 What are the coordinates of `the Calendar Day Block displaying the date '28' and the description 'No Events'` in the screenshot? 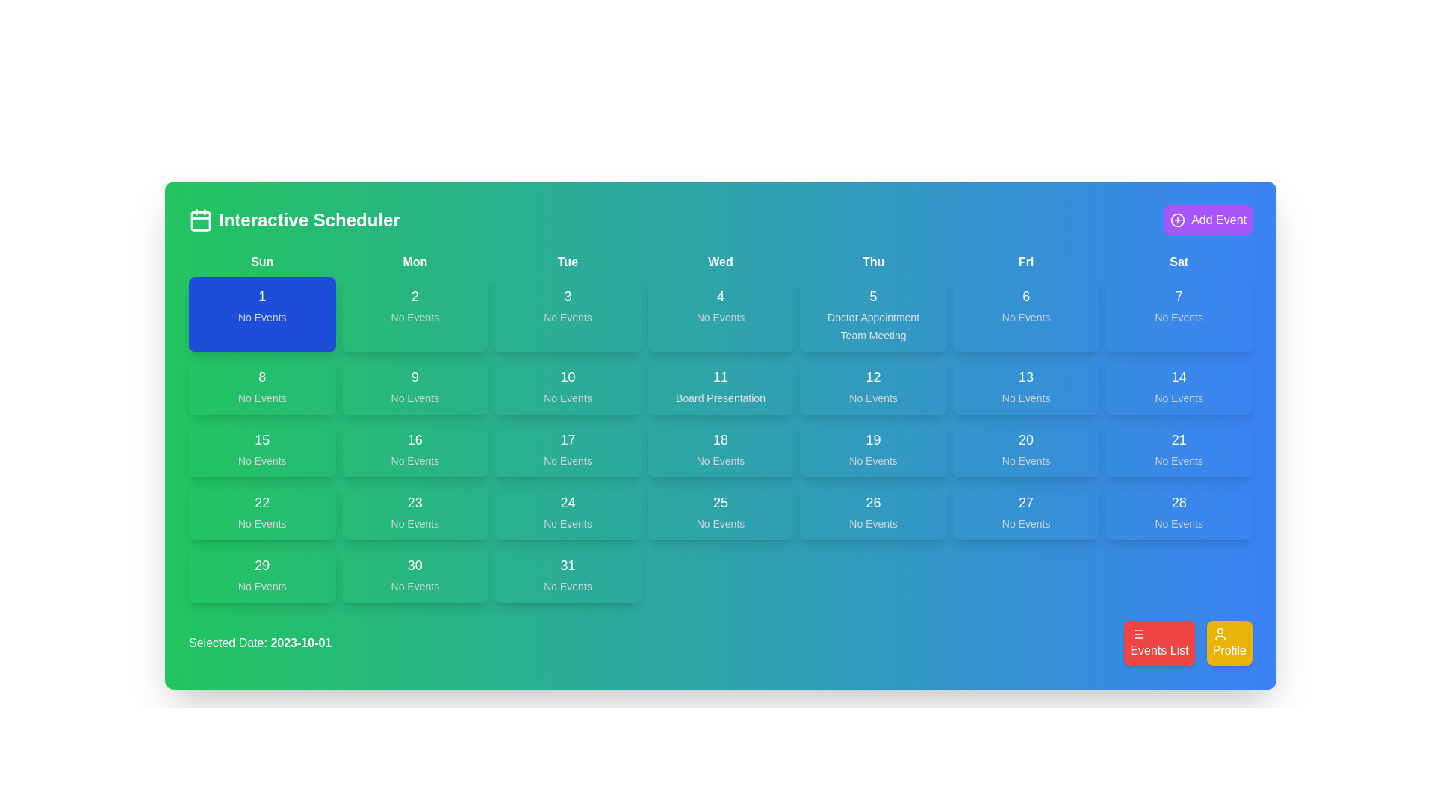 It's located at (1178, 511).